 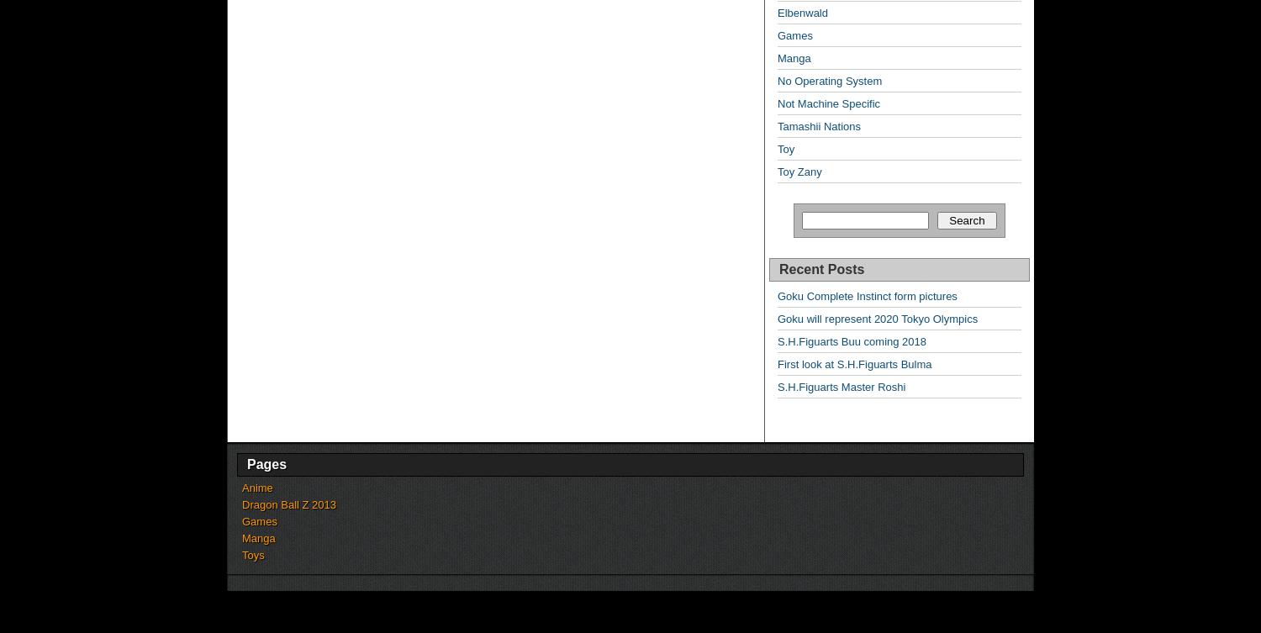 What do you see at coordinates (867, 296) in the screenshot?
I see `'Goku Complete Instinct form pictures'` at bounding box center [867, 296].